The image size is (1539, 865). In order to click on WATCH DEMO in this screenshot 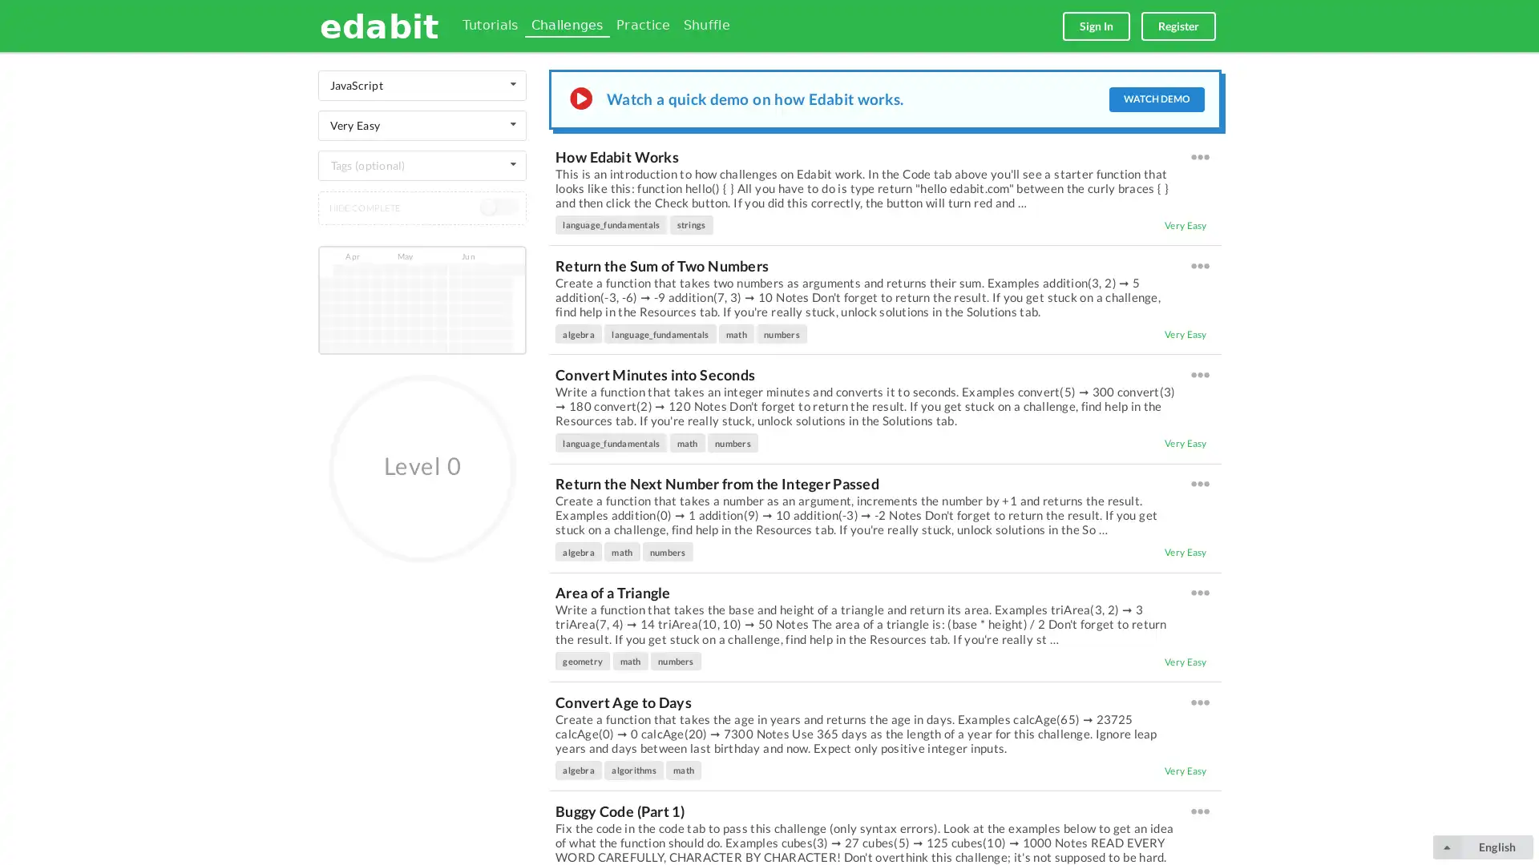, I will do `click(1156, 99)`.